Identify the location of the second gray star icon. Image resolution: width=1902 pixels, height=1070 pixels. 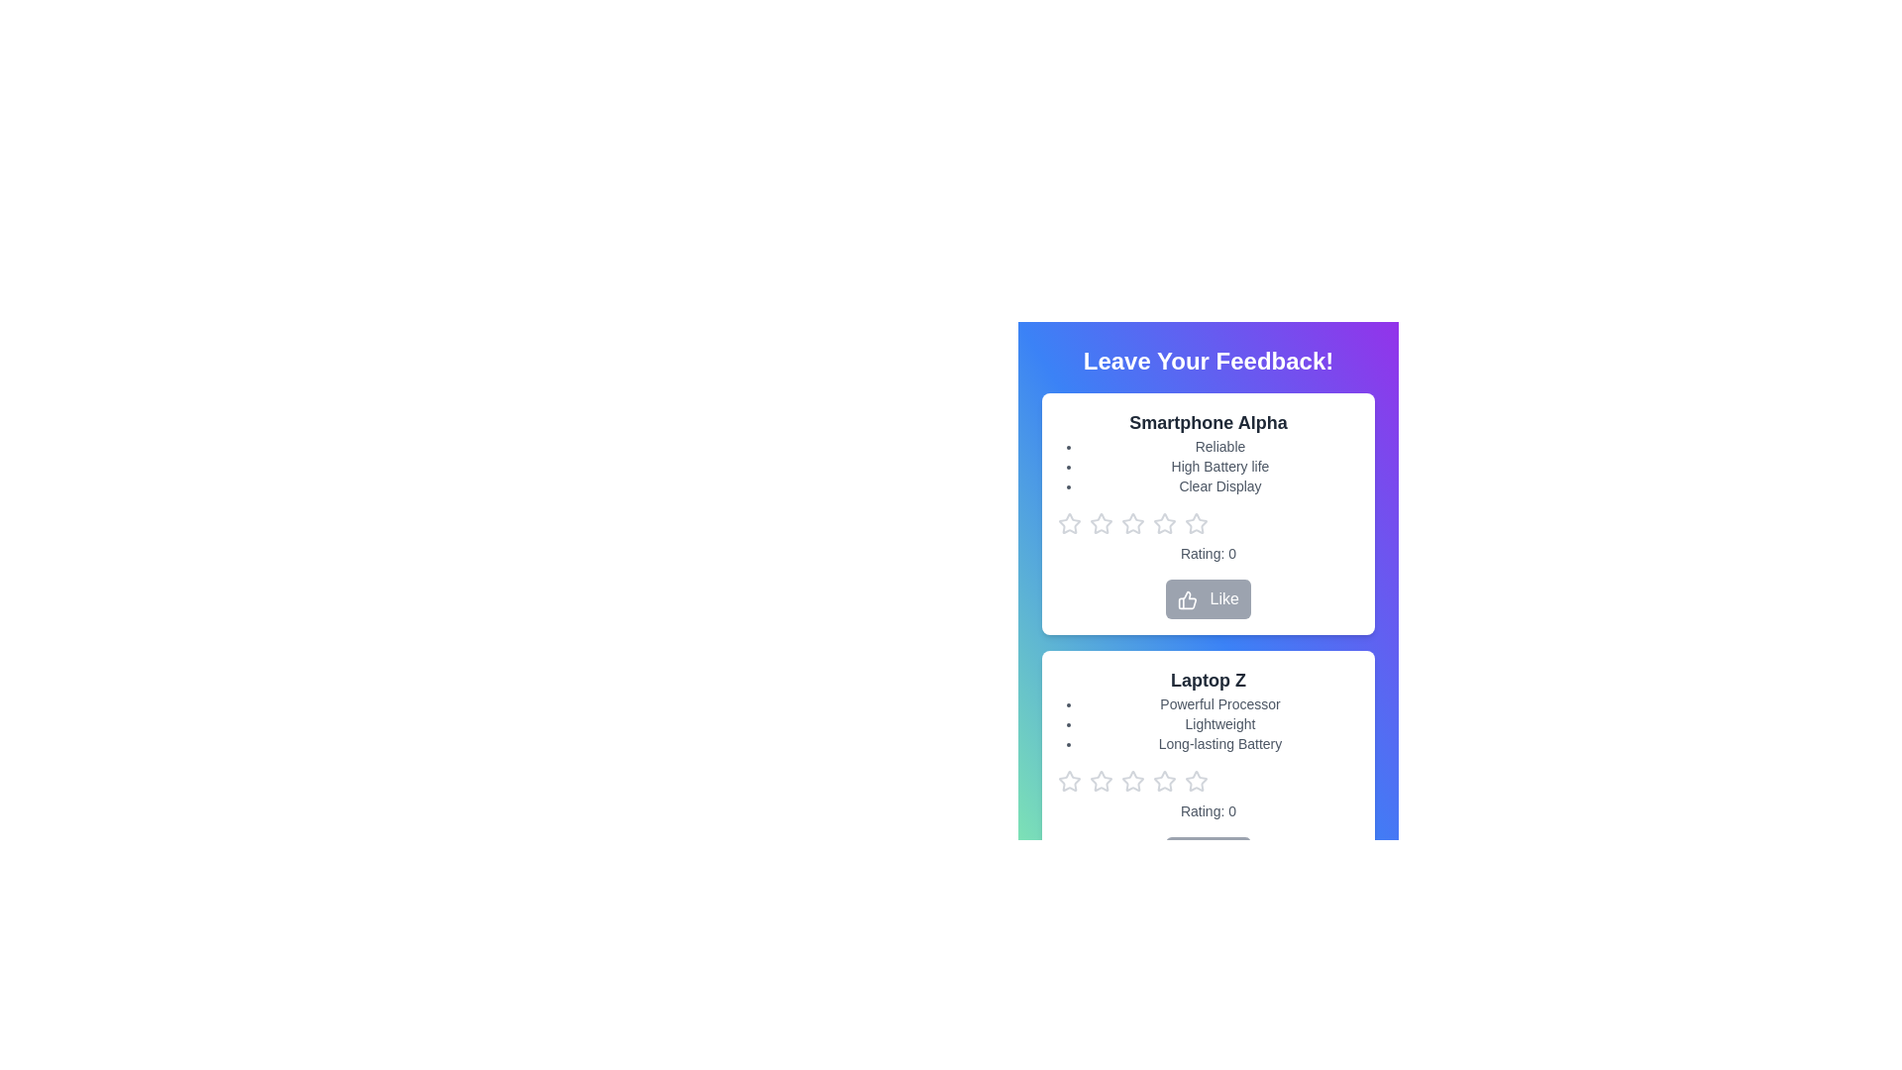
(1101, 781).